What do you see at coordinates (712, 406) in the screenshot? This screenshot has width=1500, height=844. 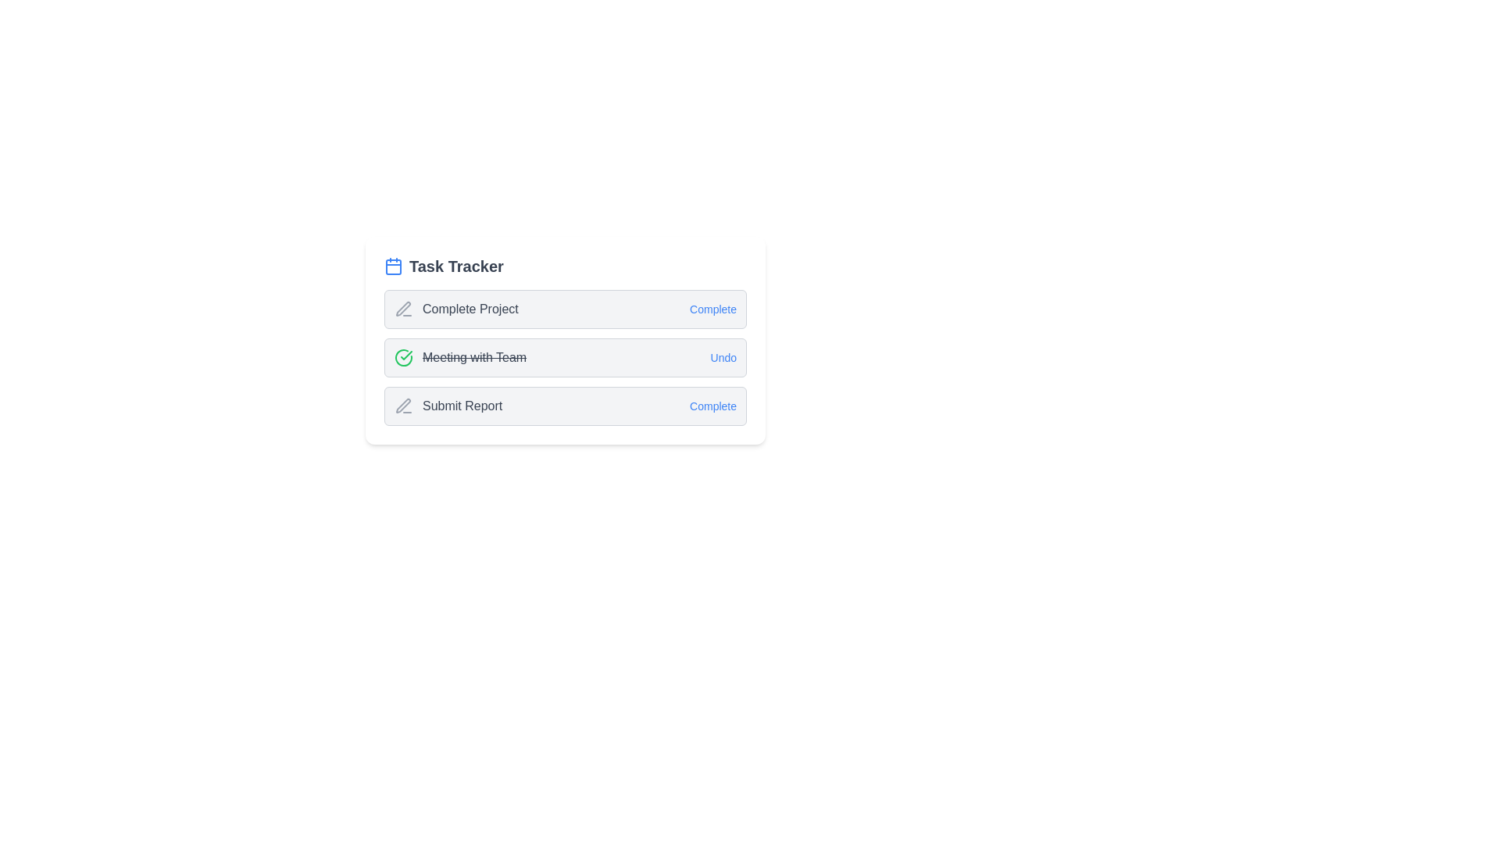 I see `the button styled as a text link located at the far-right end of the 'Submit Report' row to mark the associated task as completed` at bounding box center [712, 406].